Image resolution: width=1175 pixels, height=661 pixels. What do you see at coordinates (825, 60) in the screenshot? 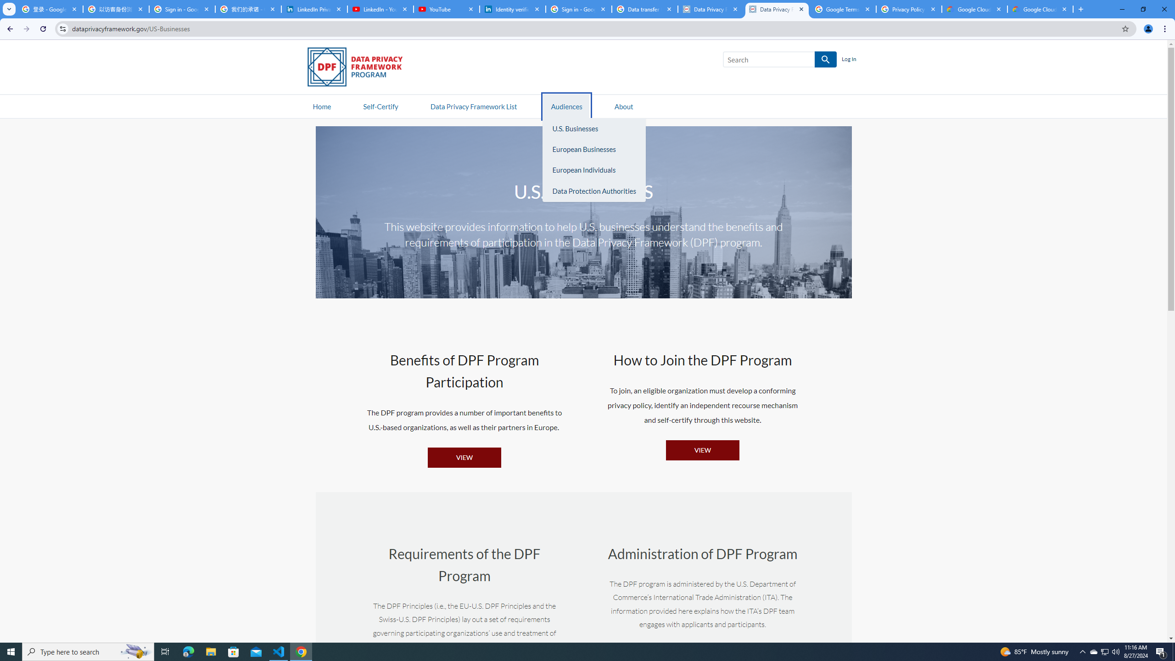
I see `'SEARCH'` at bounding box center [825, 60].